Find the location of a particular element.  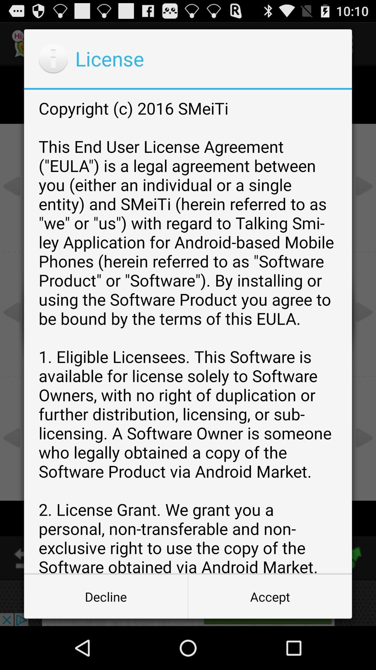

the accept is located at coordinates (269, 596).